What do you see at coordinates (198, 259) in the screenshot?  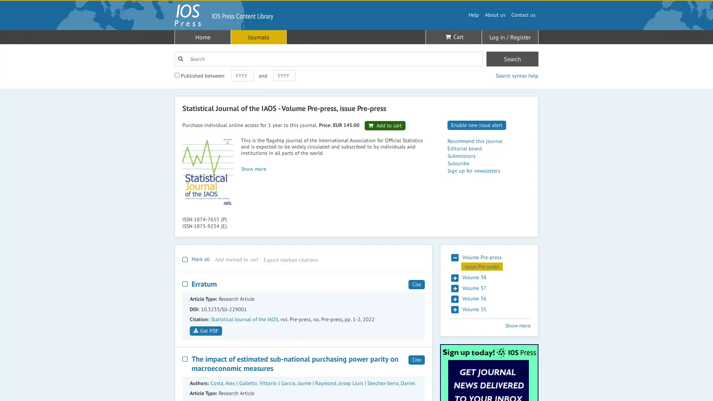 I see `Mark all` at bounding box center [198, 259].